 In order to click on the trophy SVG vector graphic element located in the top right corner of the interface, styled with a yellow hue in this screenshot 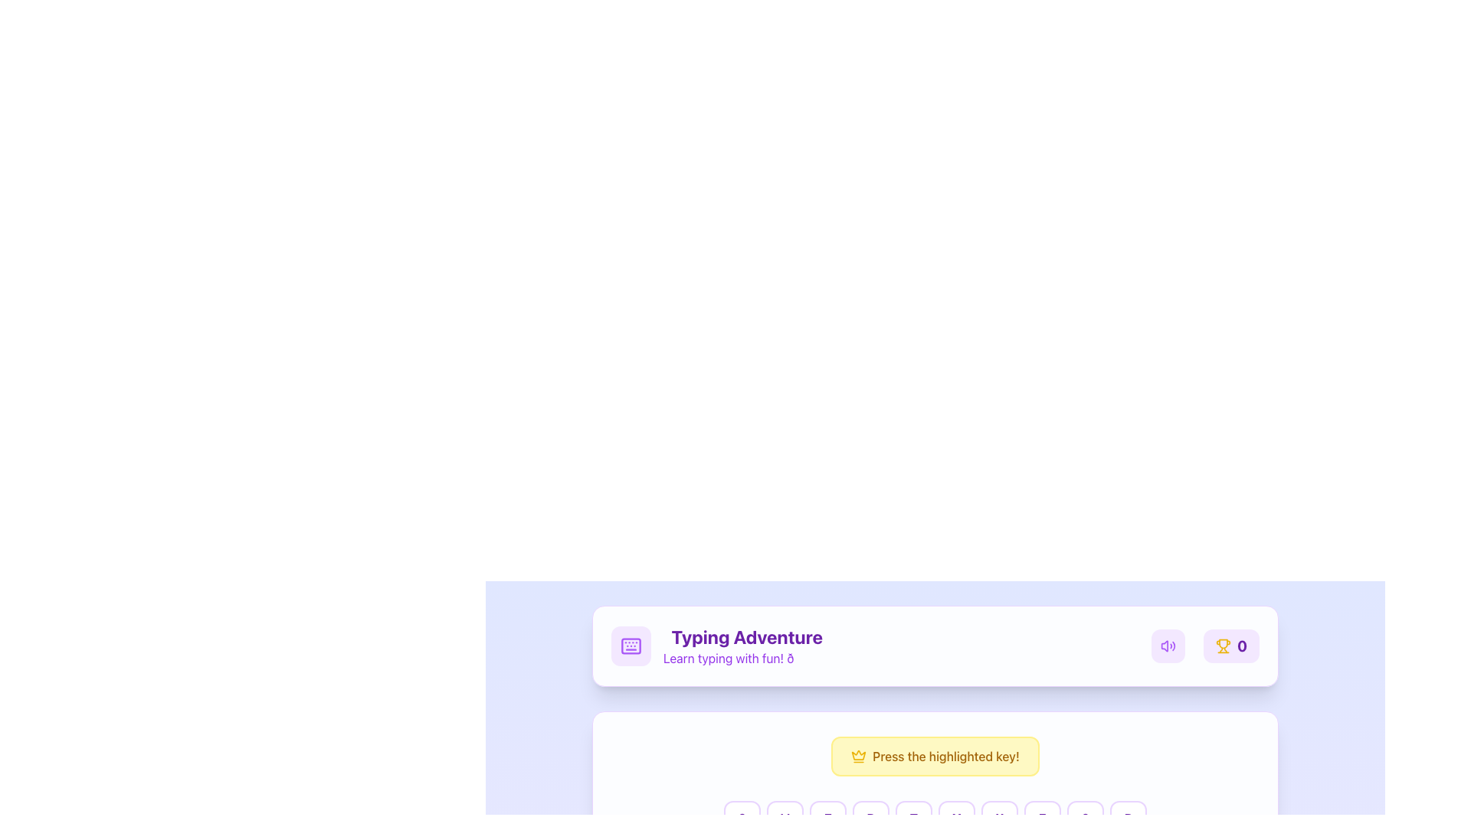, I will do `click(1222, 644)`.